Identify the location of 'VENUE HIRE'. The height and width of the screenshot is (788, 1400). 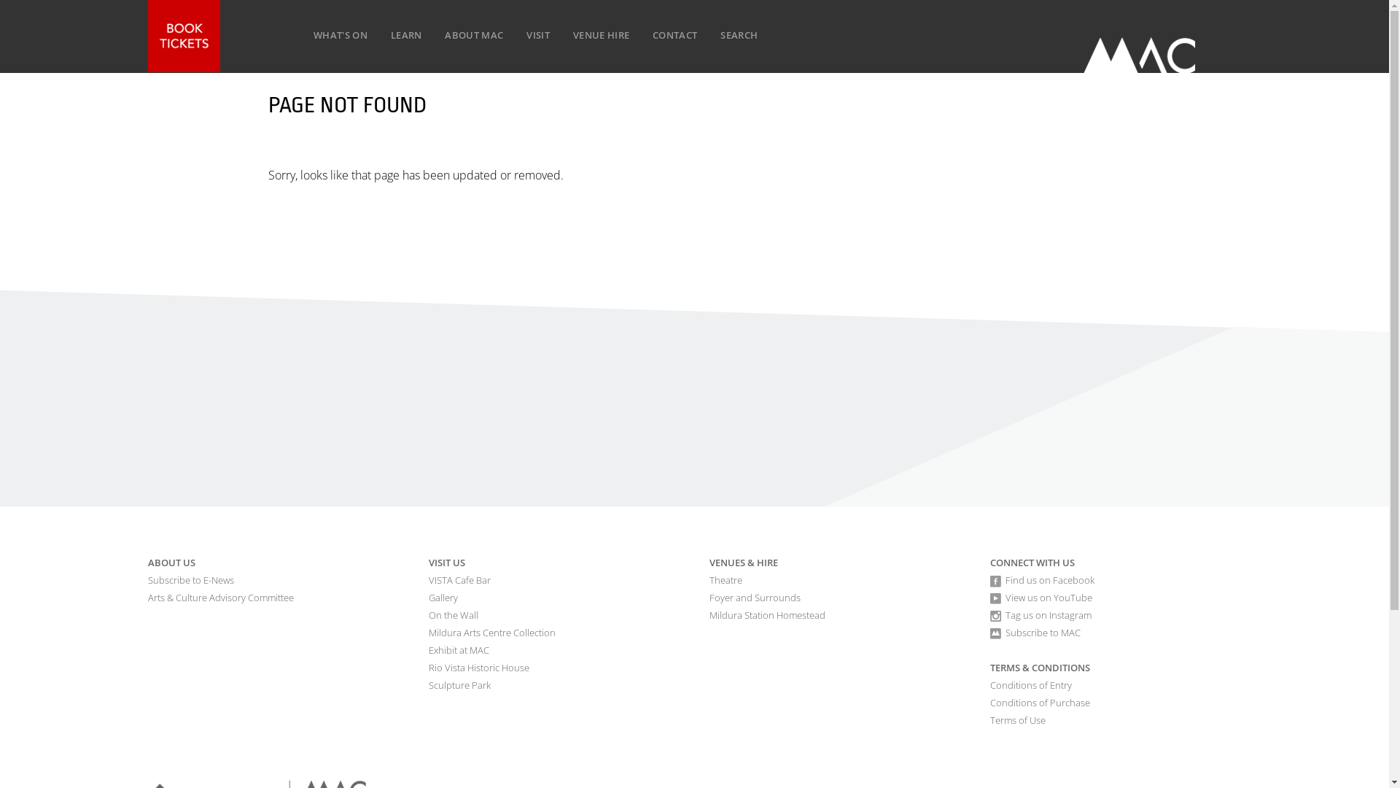
(601, 34).